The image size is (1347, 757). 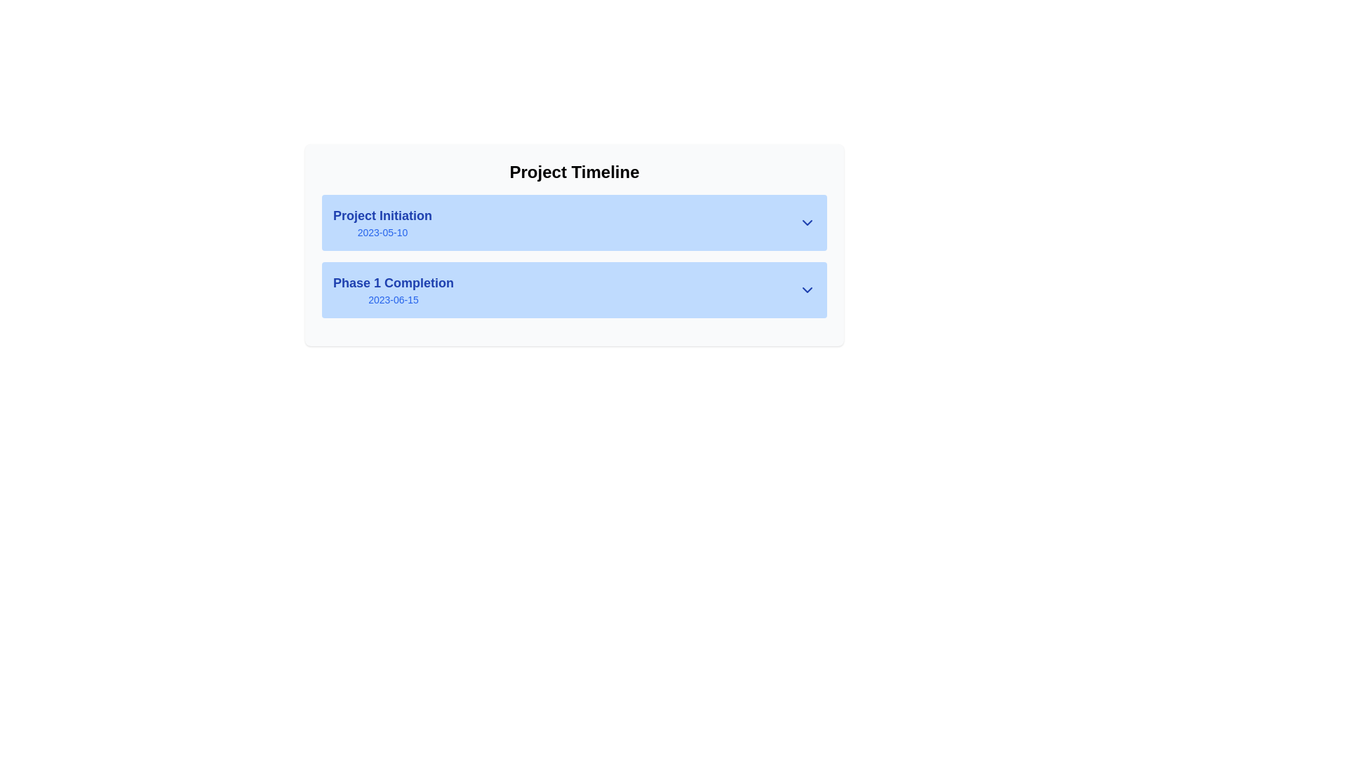 What do you see at coordinates (382, 221) in the screenshot?
I see `the 'Project Initiation' text label, which displays 'Project Initiation' in bold dark blue and '2023-05-10' below it in lighter blue, located in the top section of the vertically stacked list under 'Project Timeline'` at bounding box center [382, 221].